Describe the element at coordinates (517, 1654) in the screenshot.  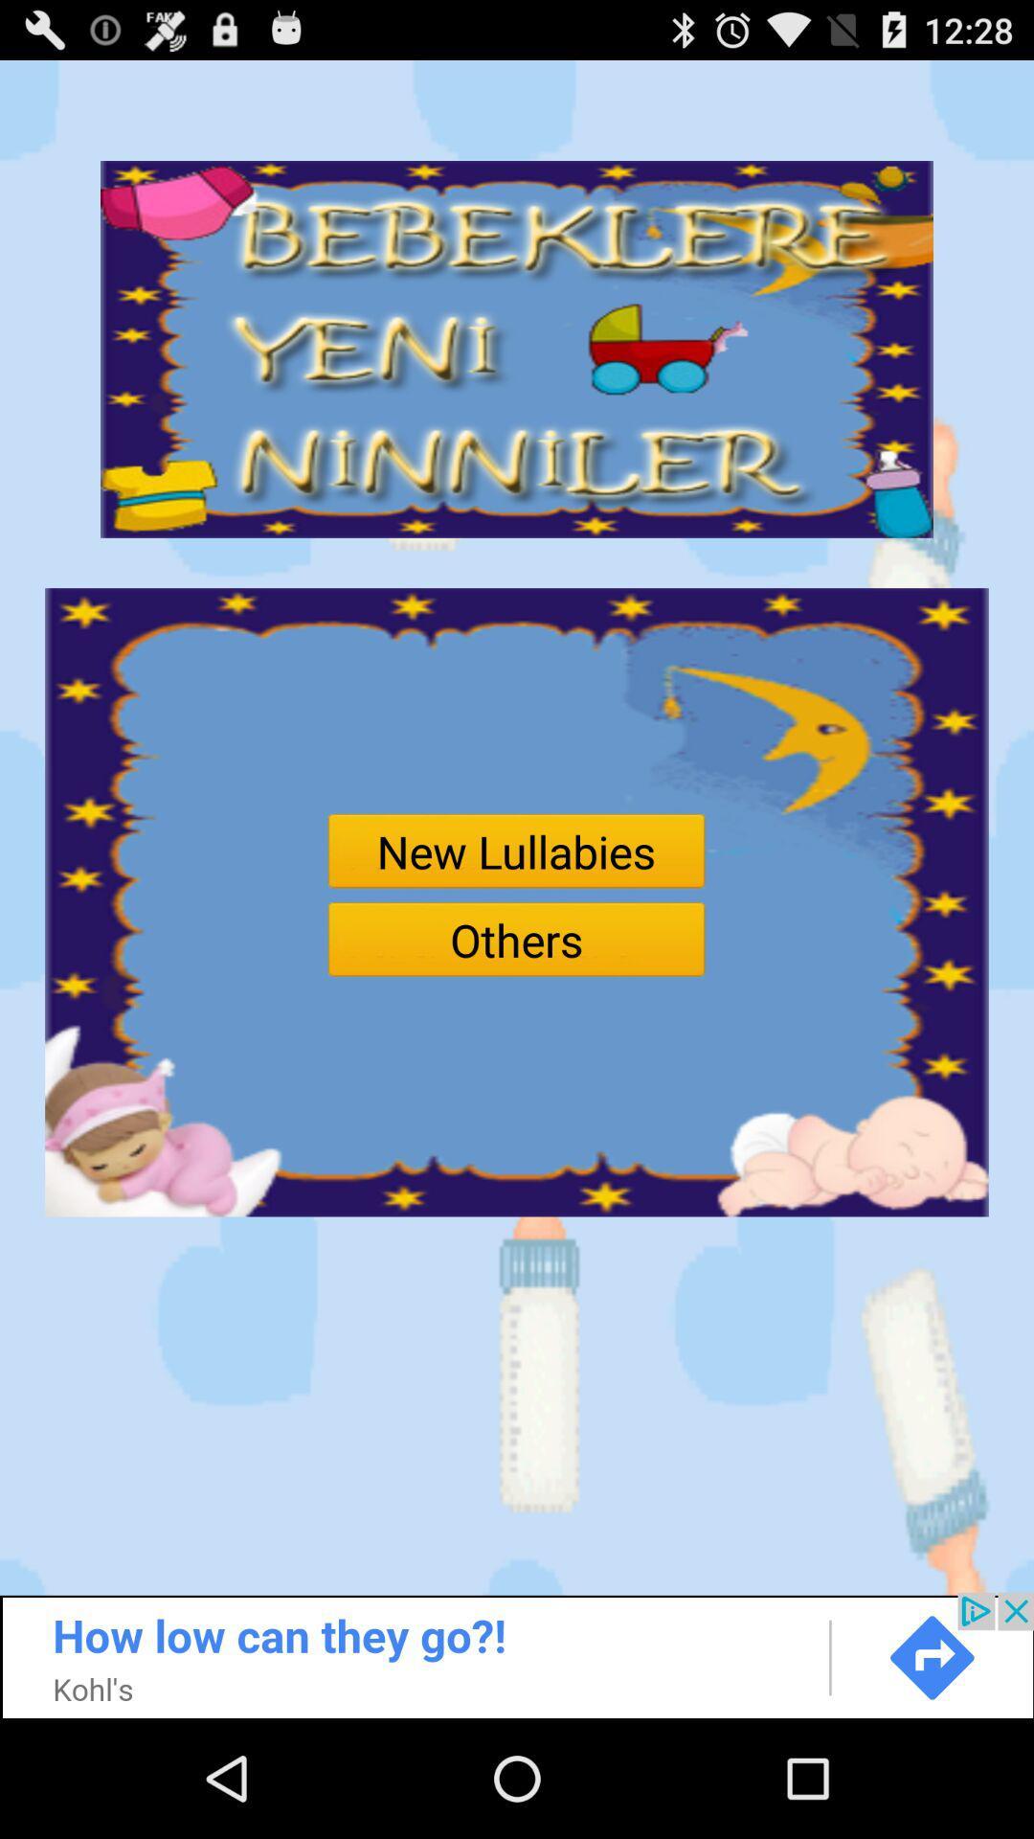
I see `announcement` at that location.